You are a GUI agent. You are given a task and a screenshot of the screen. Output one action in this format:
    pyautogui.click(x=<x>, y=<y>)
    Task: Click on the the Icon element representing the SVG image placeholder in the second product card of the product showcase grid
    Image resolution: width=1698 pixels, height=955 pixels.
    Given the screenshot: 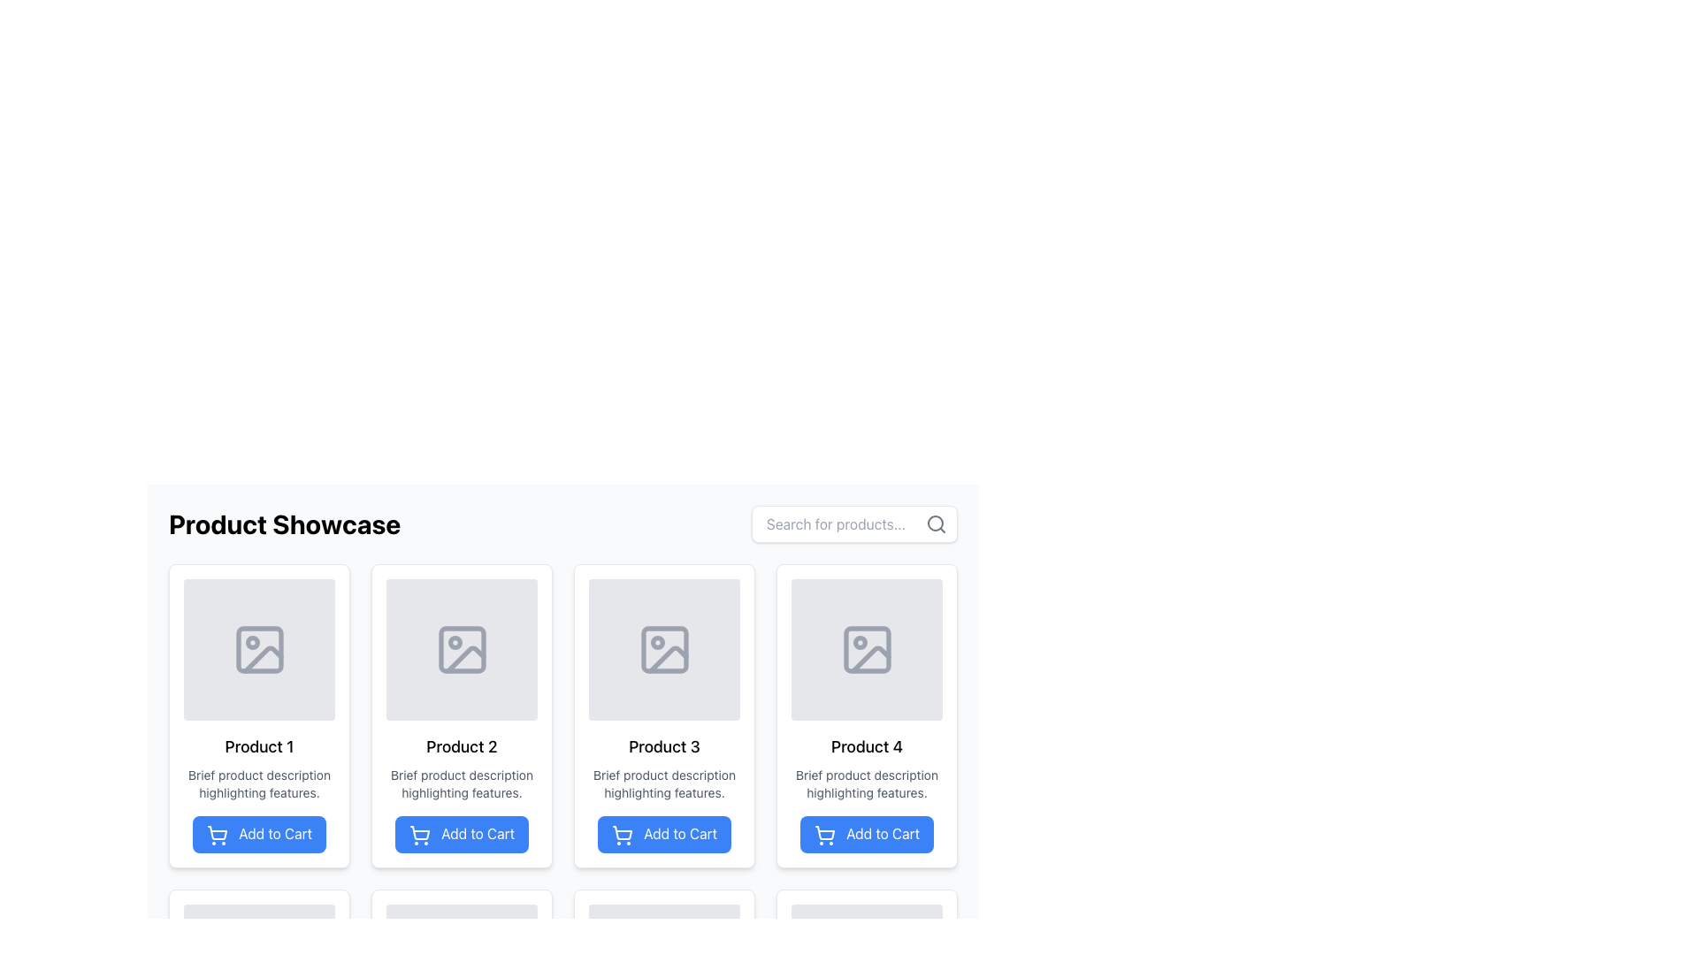 What is the action you would take?
    pyautogui.click(x=465, y=660)
    